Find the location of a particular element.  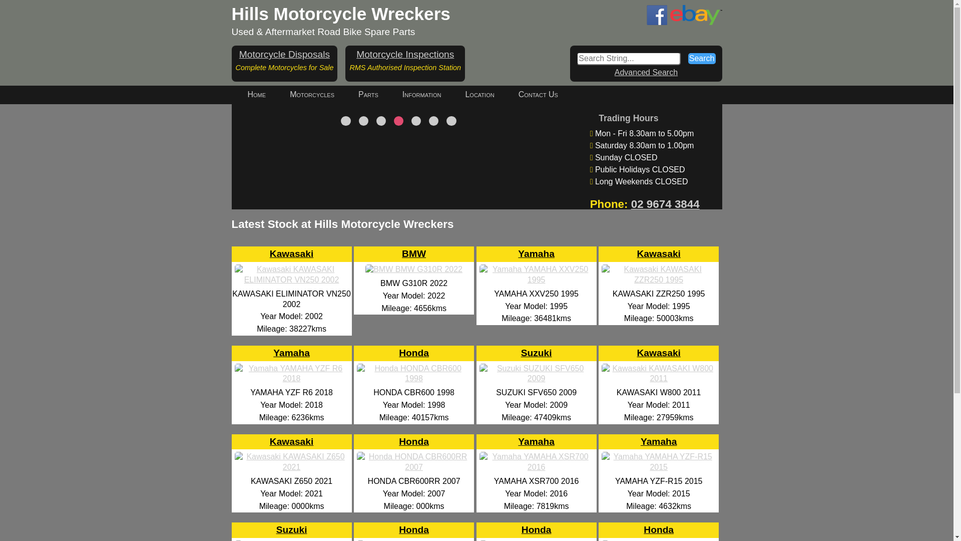

'02 9674 3844' is located at coordinates (665, 203).